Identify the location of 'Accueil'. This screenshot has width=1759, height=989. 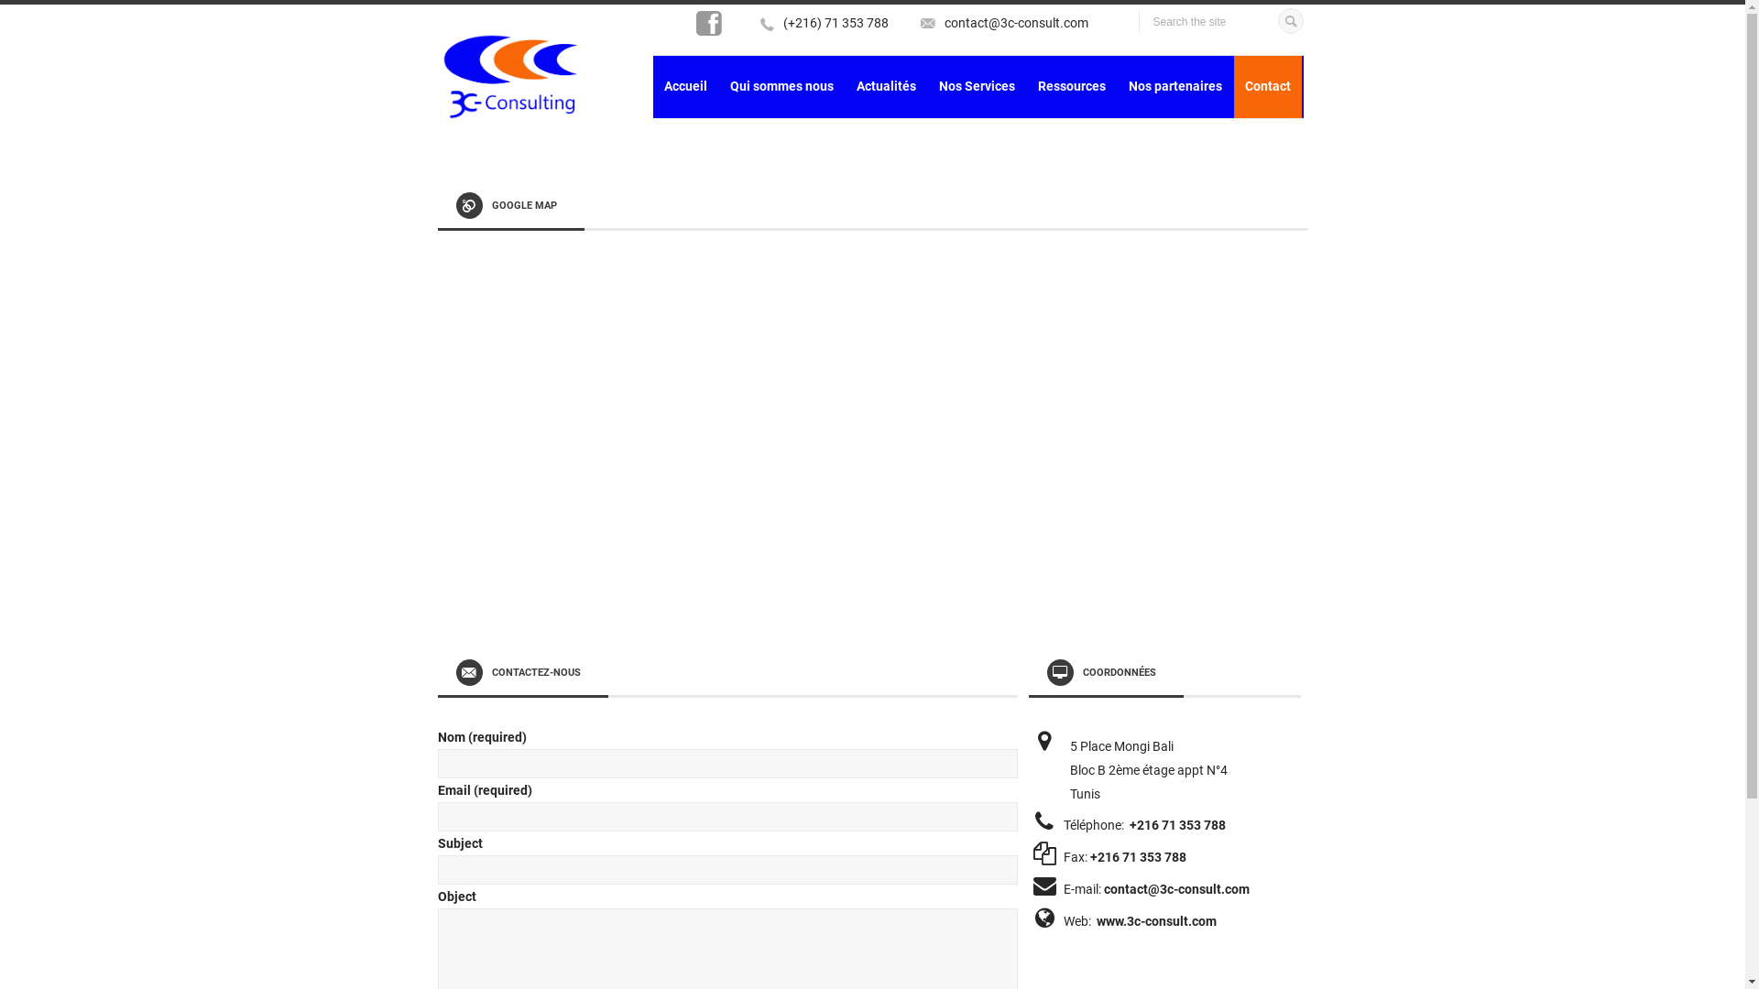
(683, 87).